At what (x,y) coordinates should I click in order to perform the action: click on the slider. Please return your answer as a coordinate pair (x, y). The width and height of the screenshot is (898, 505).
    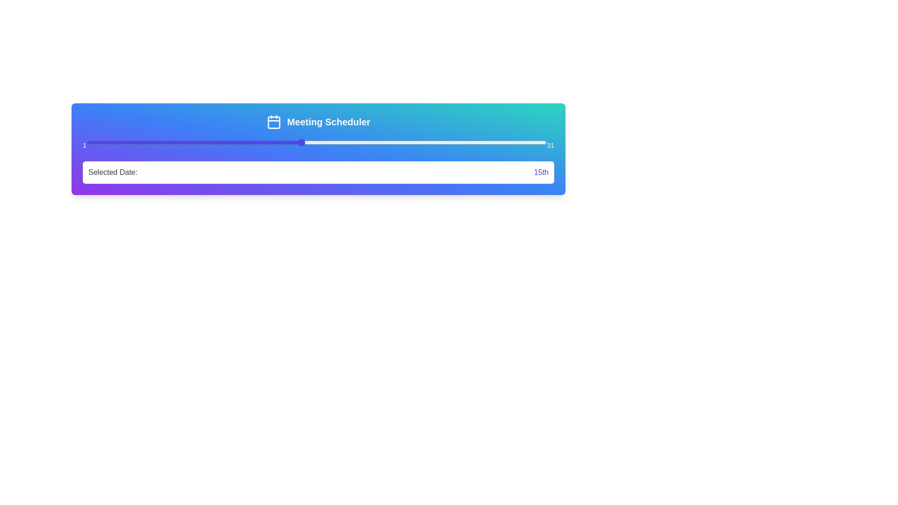
    Looking at the image, I should click on (362, 142).